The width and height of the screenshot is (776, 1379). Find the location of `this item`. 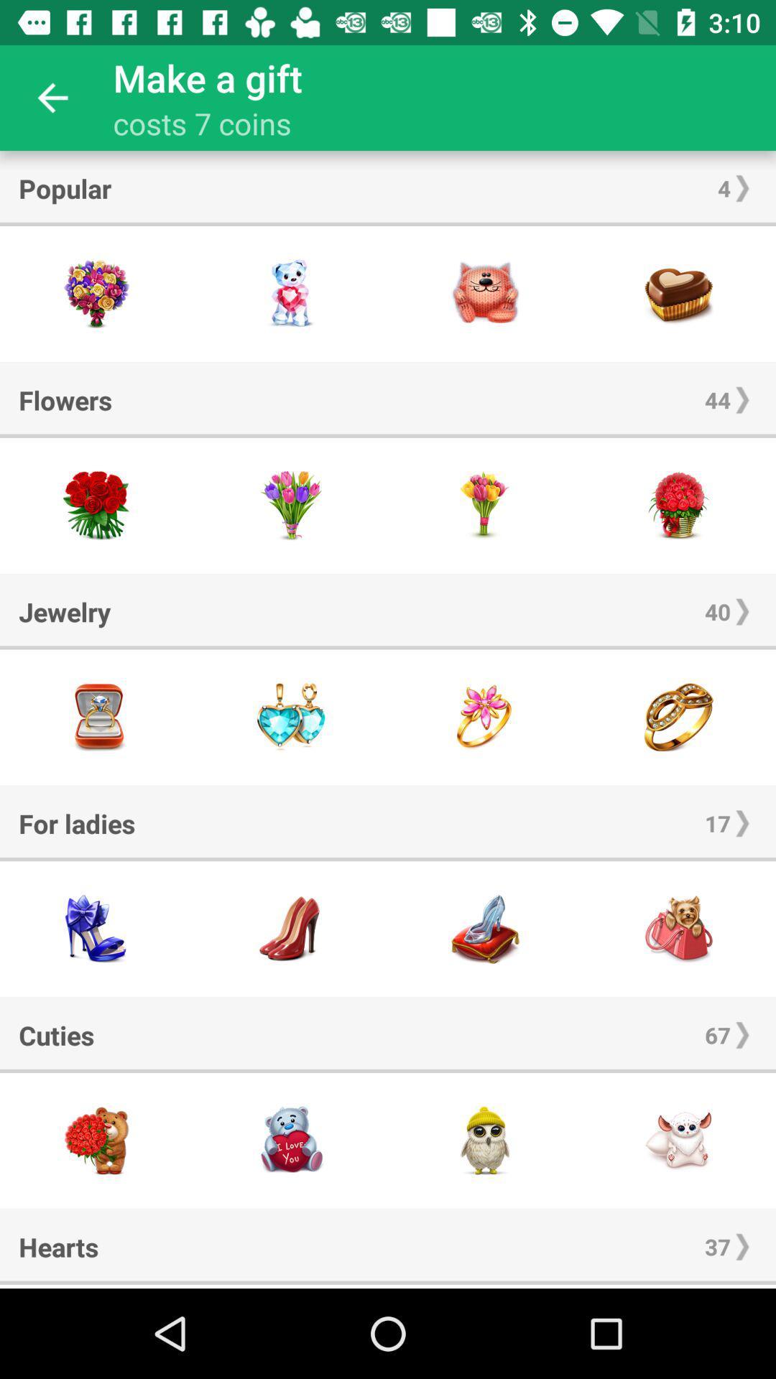

this item is located at coordinates (679, 717).